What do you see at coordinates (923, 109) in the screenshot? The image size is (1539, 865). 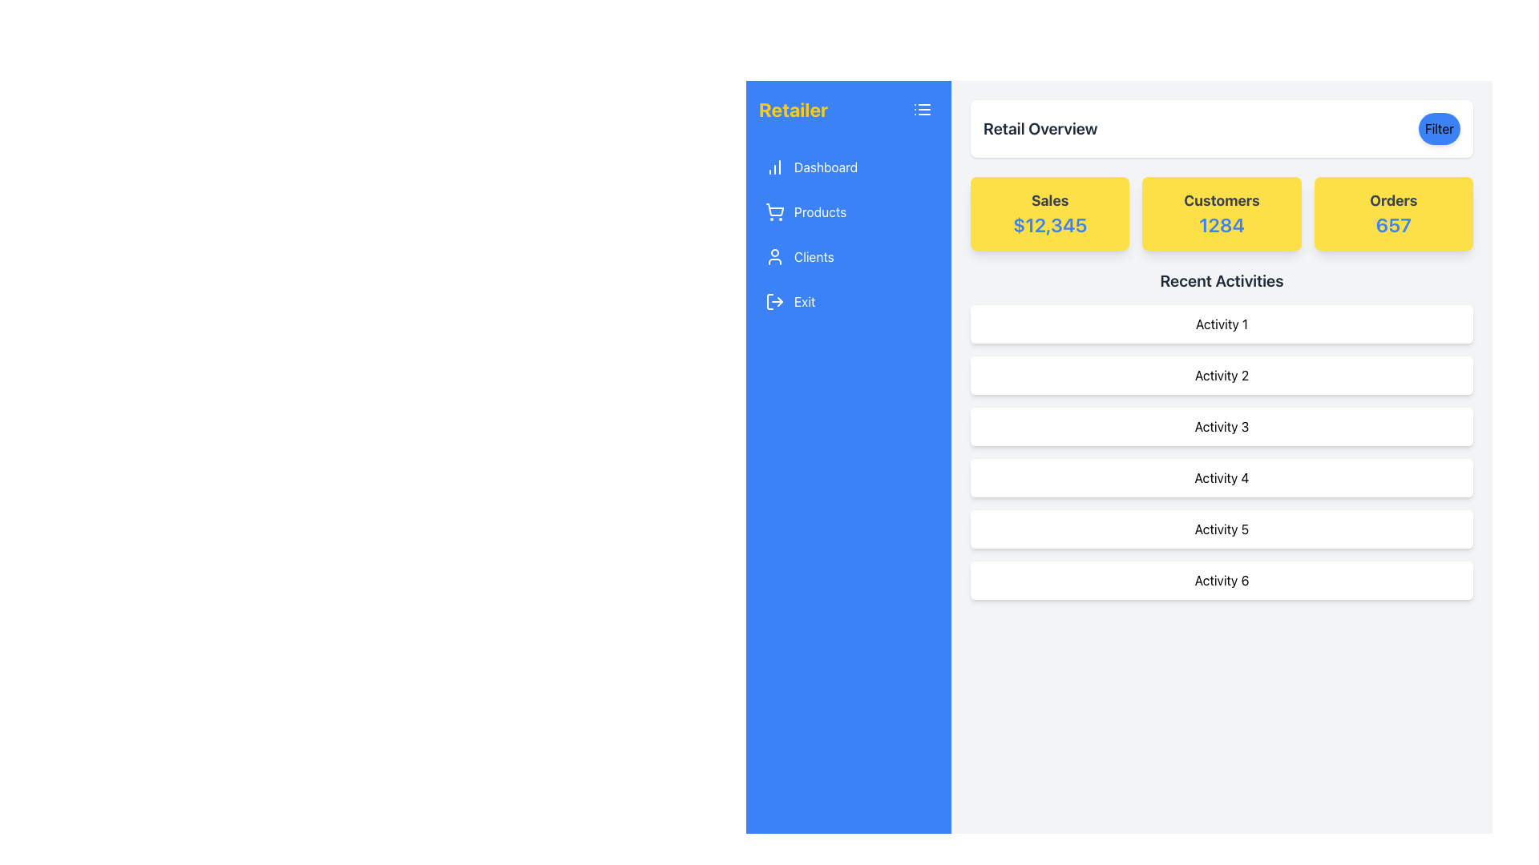 I see `the small icon resembling a list layout, located near the top-right corner of the side navigation bar` at bounding box center [923, 109].